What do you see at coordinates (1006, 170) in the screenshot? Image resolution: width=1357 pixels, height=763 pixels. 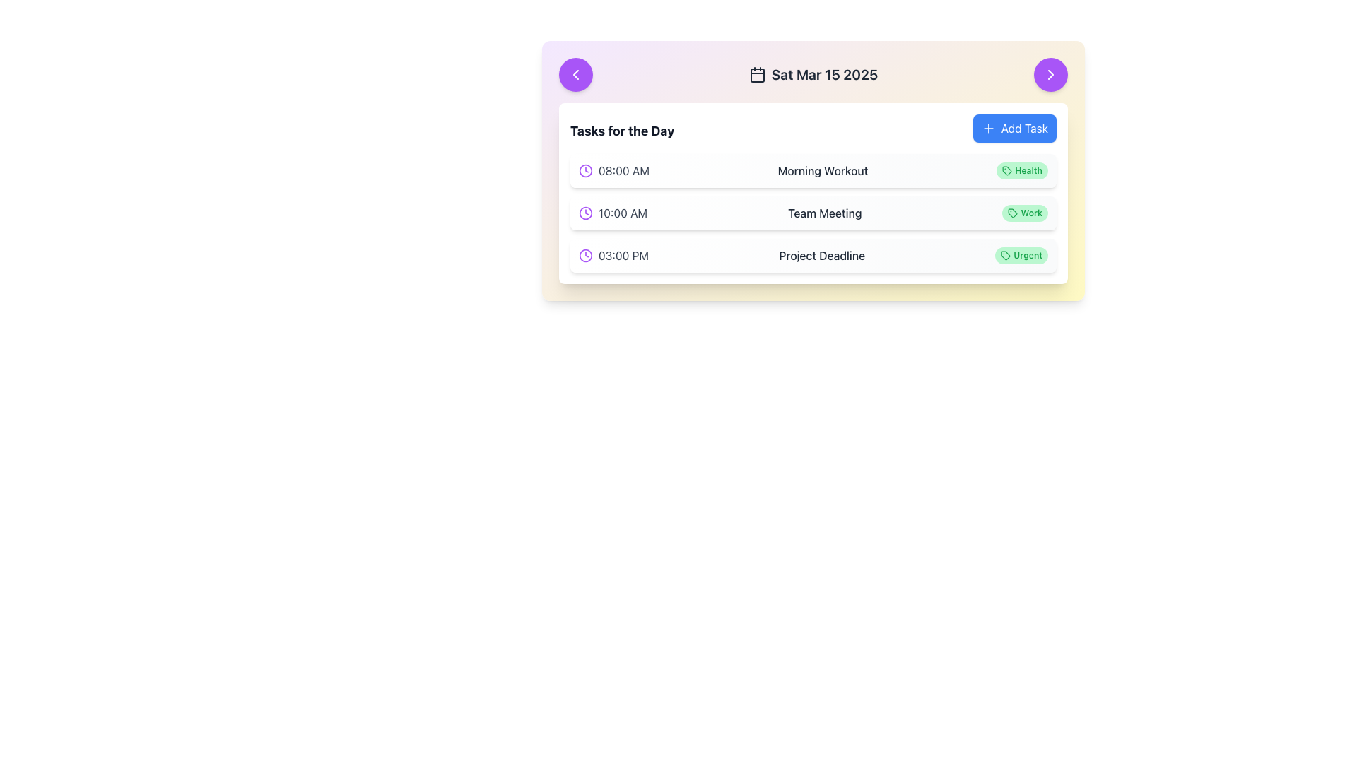 I see `the 'Health' icon indicator located in the 'Morning Workout' row` at bounding box center [1006, 170].